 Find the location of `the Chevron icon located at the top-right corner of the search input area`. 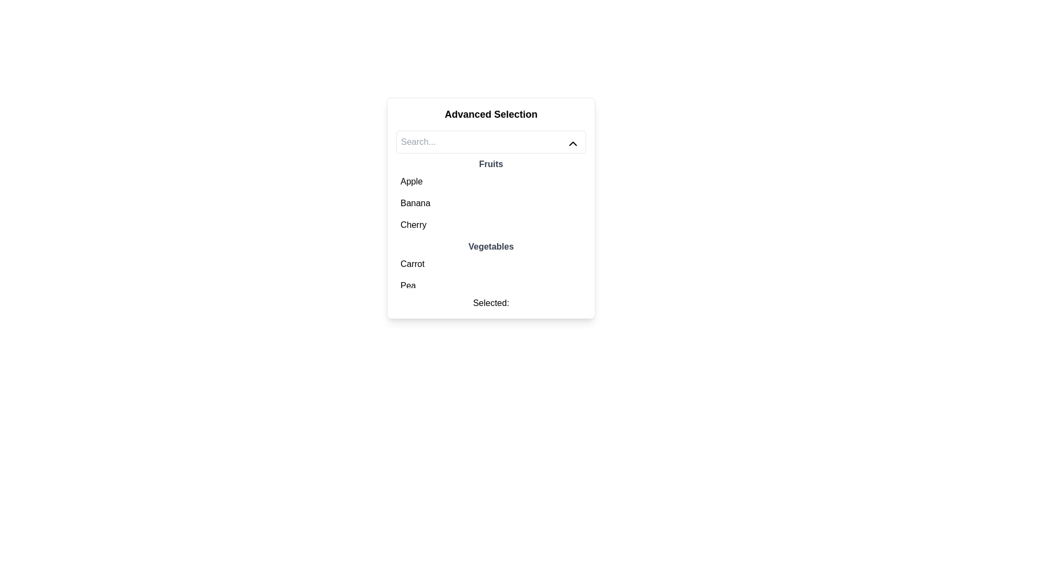

the Chevron icon located at the top-right corner of the search input area is located at coordinates (573, 143).